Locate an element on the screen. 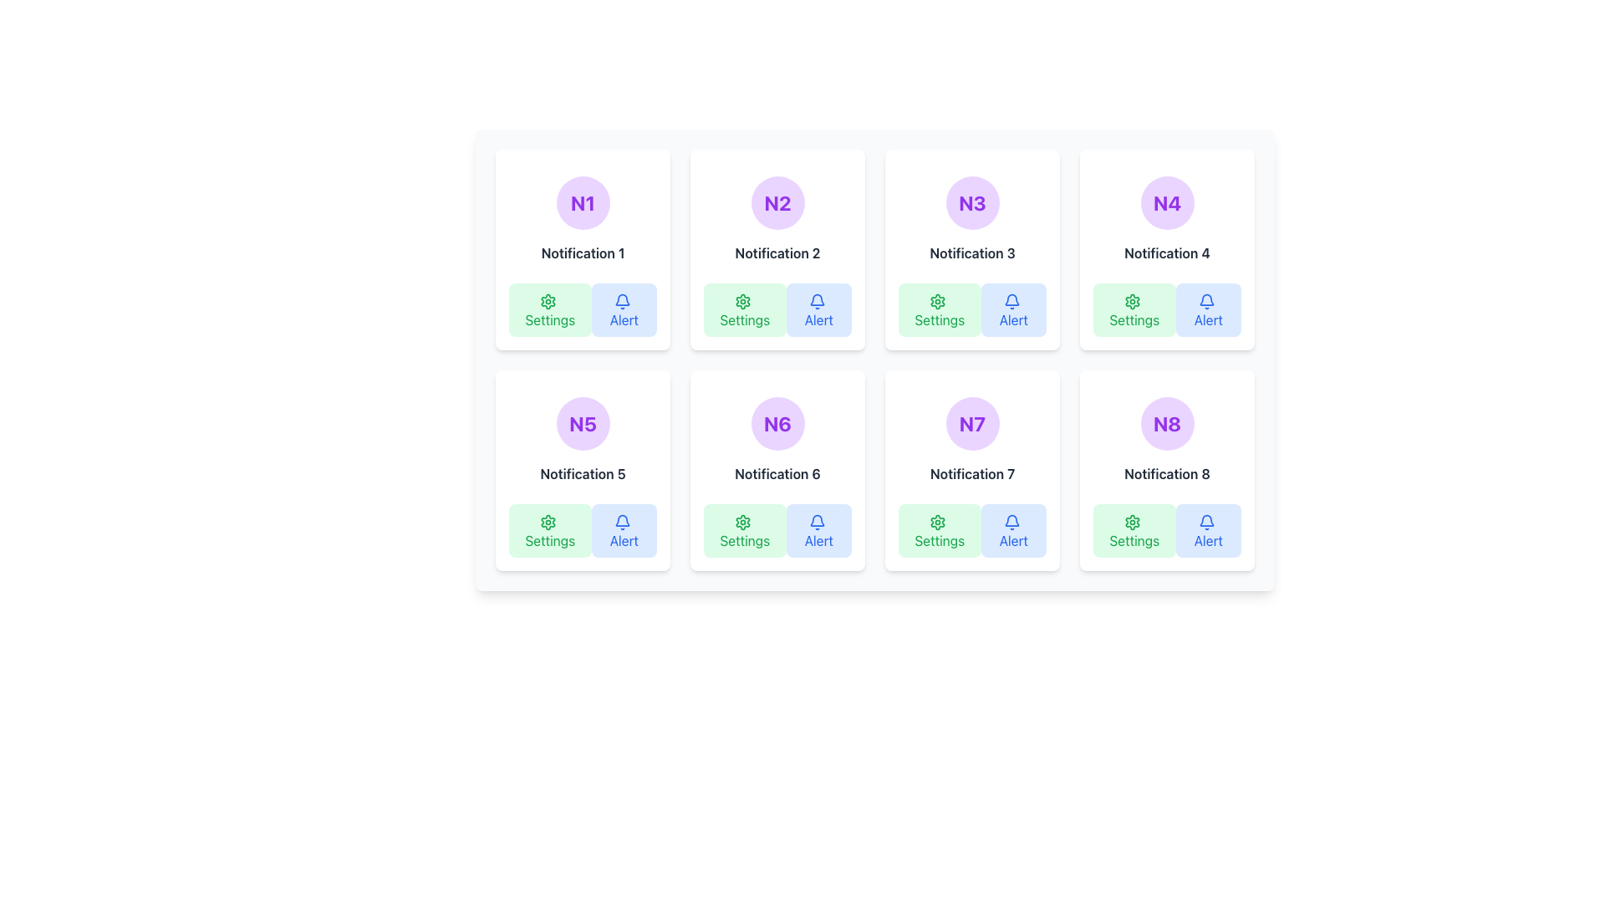  the second button under the 'Notification 3' block is located at coordinates (1012, 309).